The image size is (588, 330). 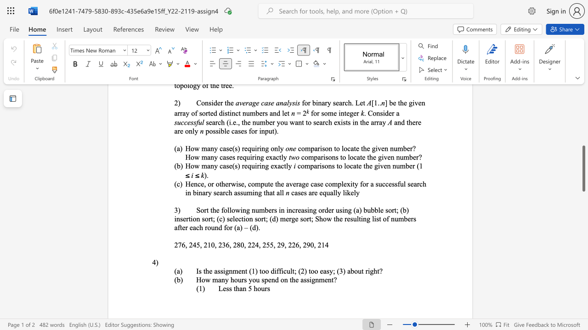 I want to click on the subset text "oo difficult; (2) too ea" within the text "Is the assignment (1) too difficult; (2) too easy; (3) about right?", so click(x=261, y=270).